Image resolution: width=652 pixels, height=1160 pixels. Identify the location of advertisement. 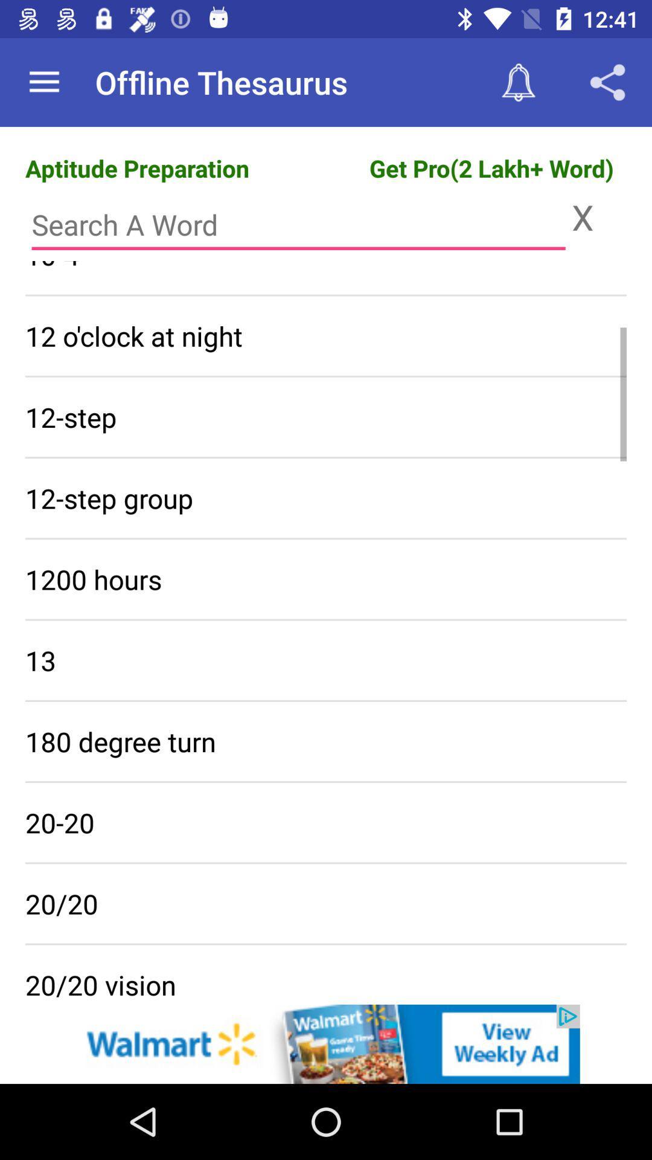
(326, 1043).